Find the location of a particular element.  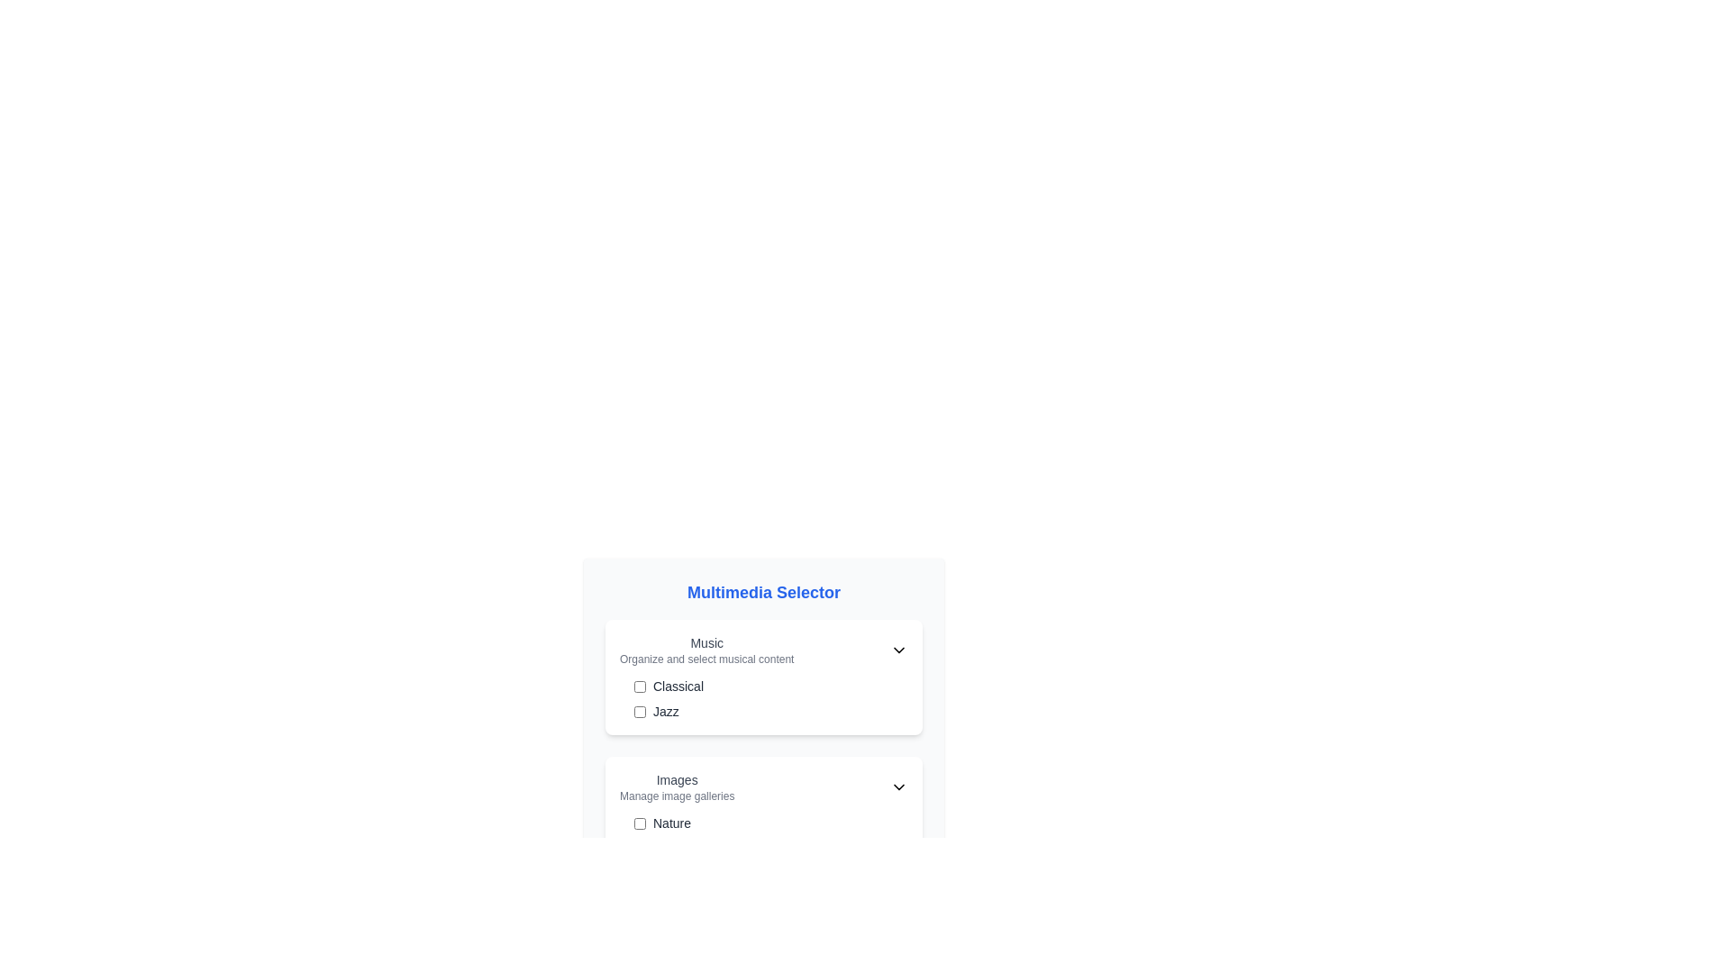

the Dropdown selector for the 'Music' category is located at coordinates (764, 650).